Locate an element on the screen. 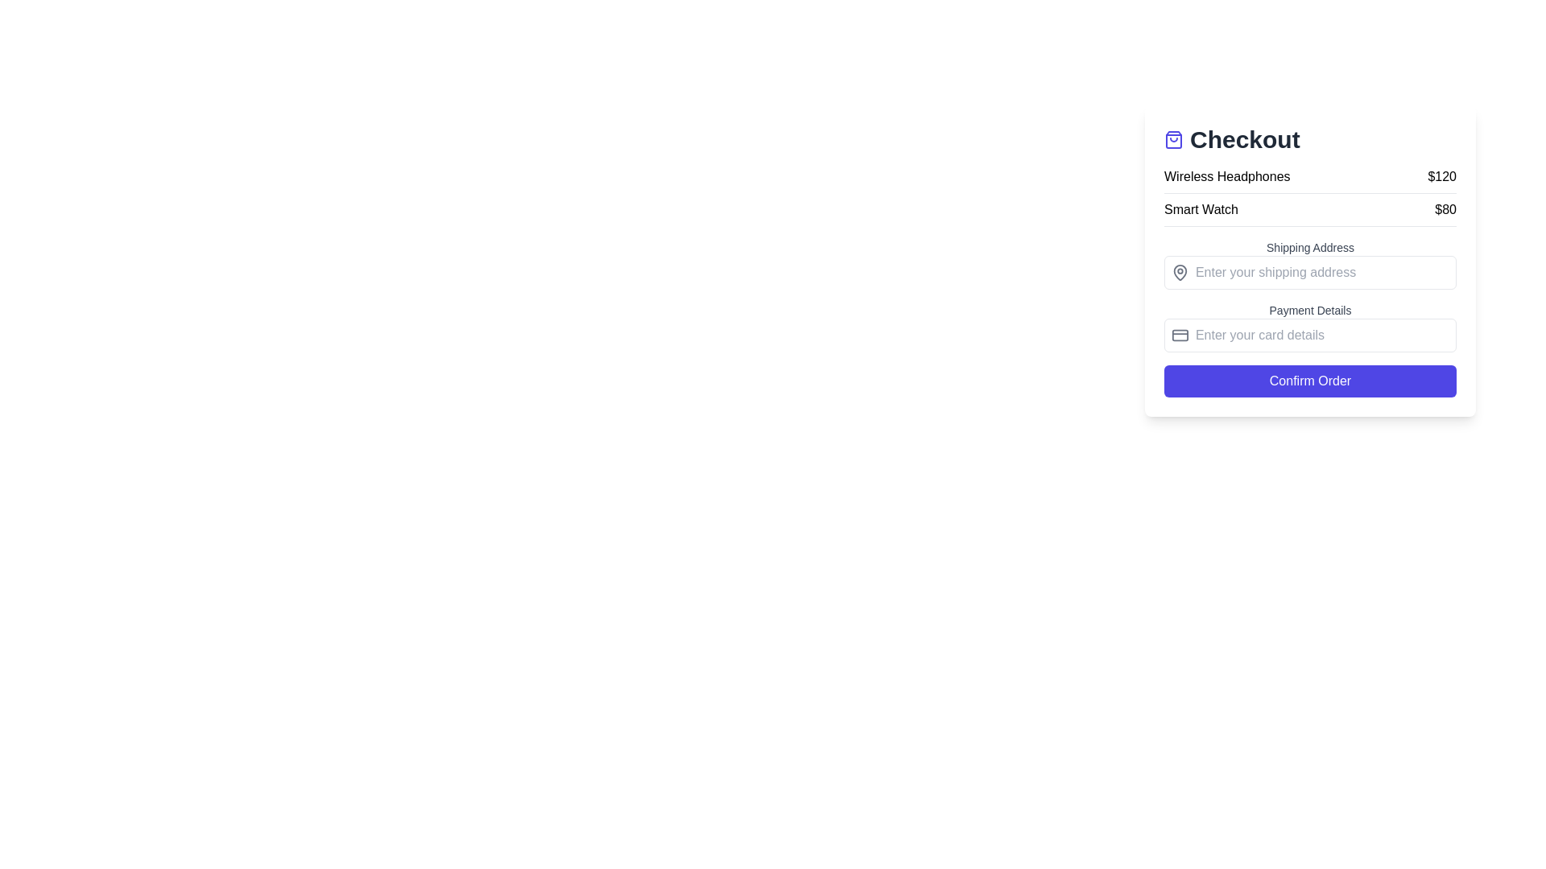 This screenshot has height=869, width=1546. the checkout section containing nested form fields and a confirmation button is located at coordinates (1310, 319).